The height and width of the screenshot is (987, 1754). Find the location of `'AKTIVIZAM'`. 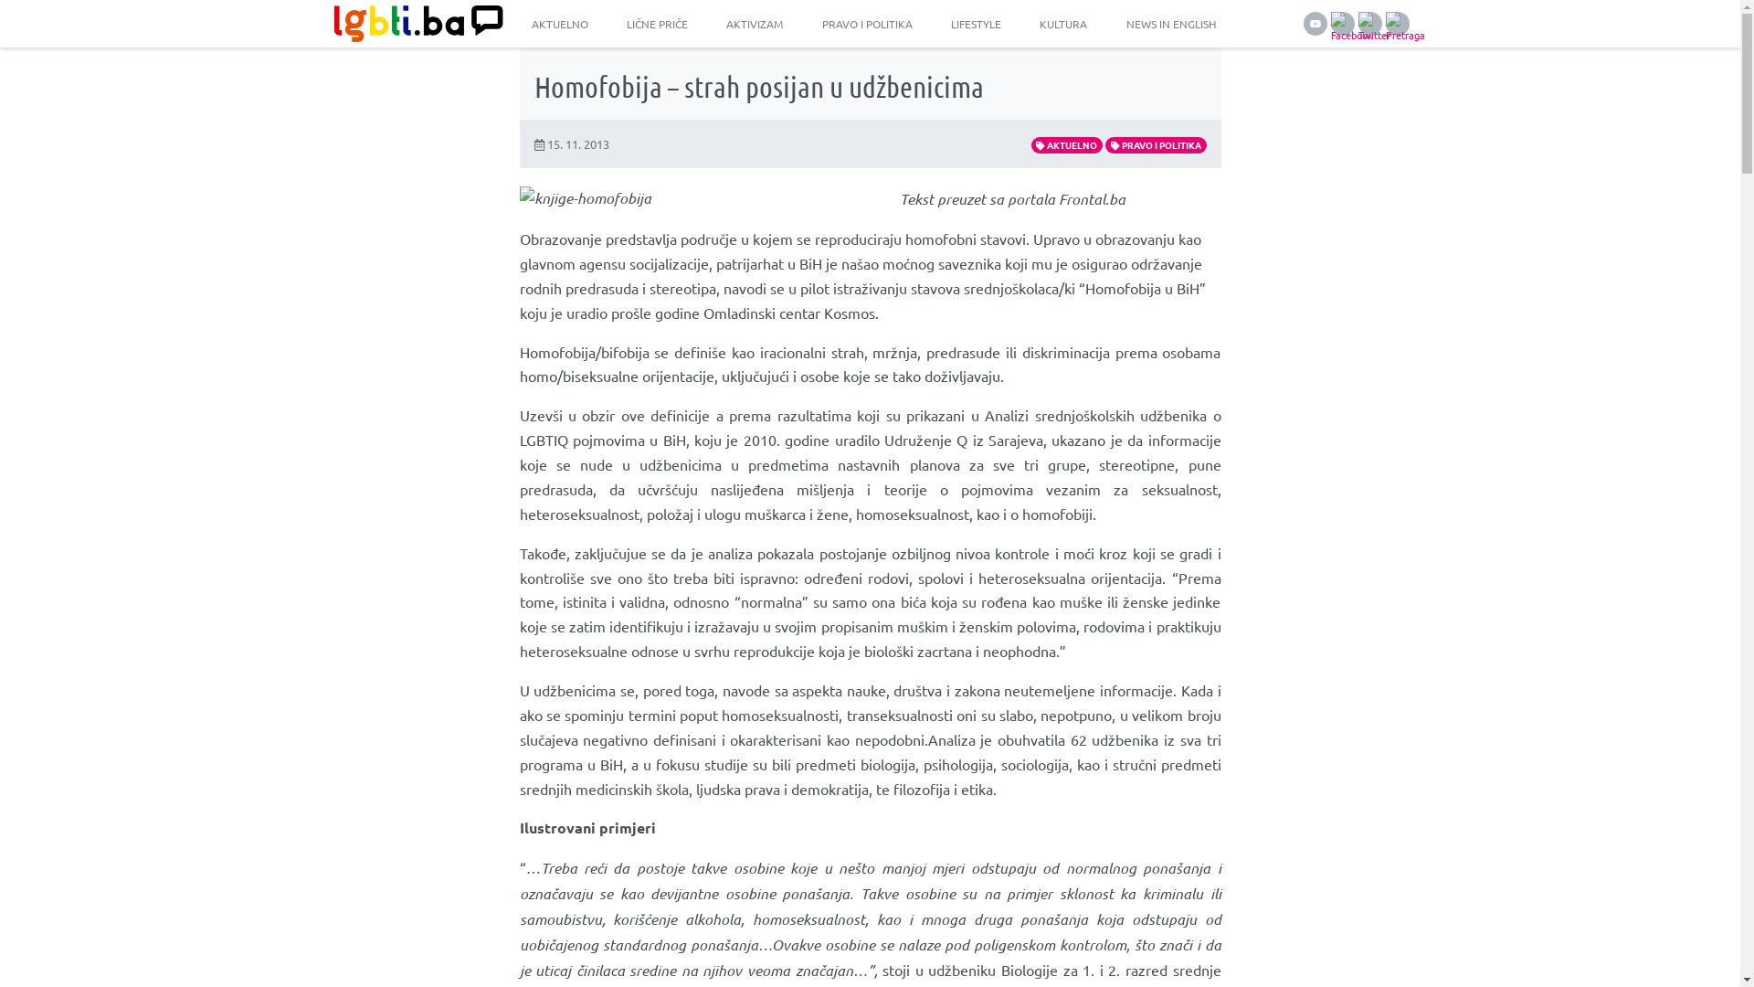

'AKTIVIZAM' is located at coordinates (718, 24).